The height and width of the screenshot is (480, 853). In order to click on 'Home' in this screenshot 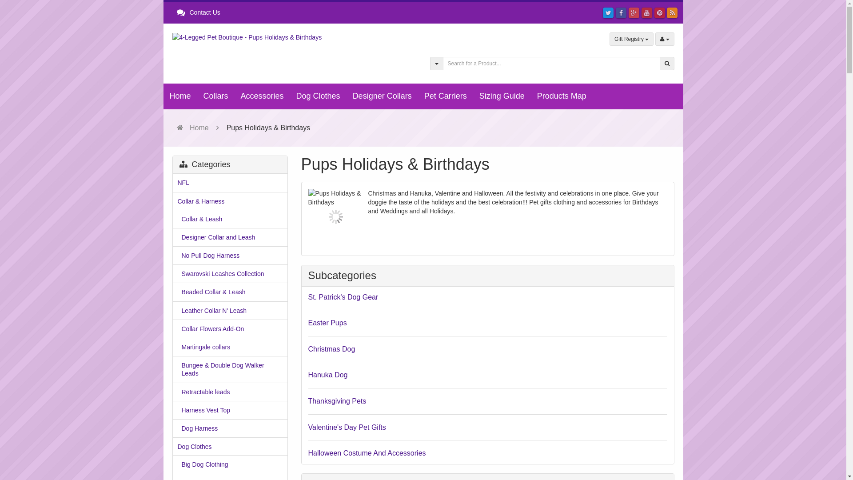, I will do `click(180, 96)`.